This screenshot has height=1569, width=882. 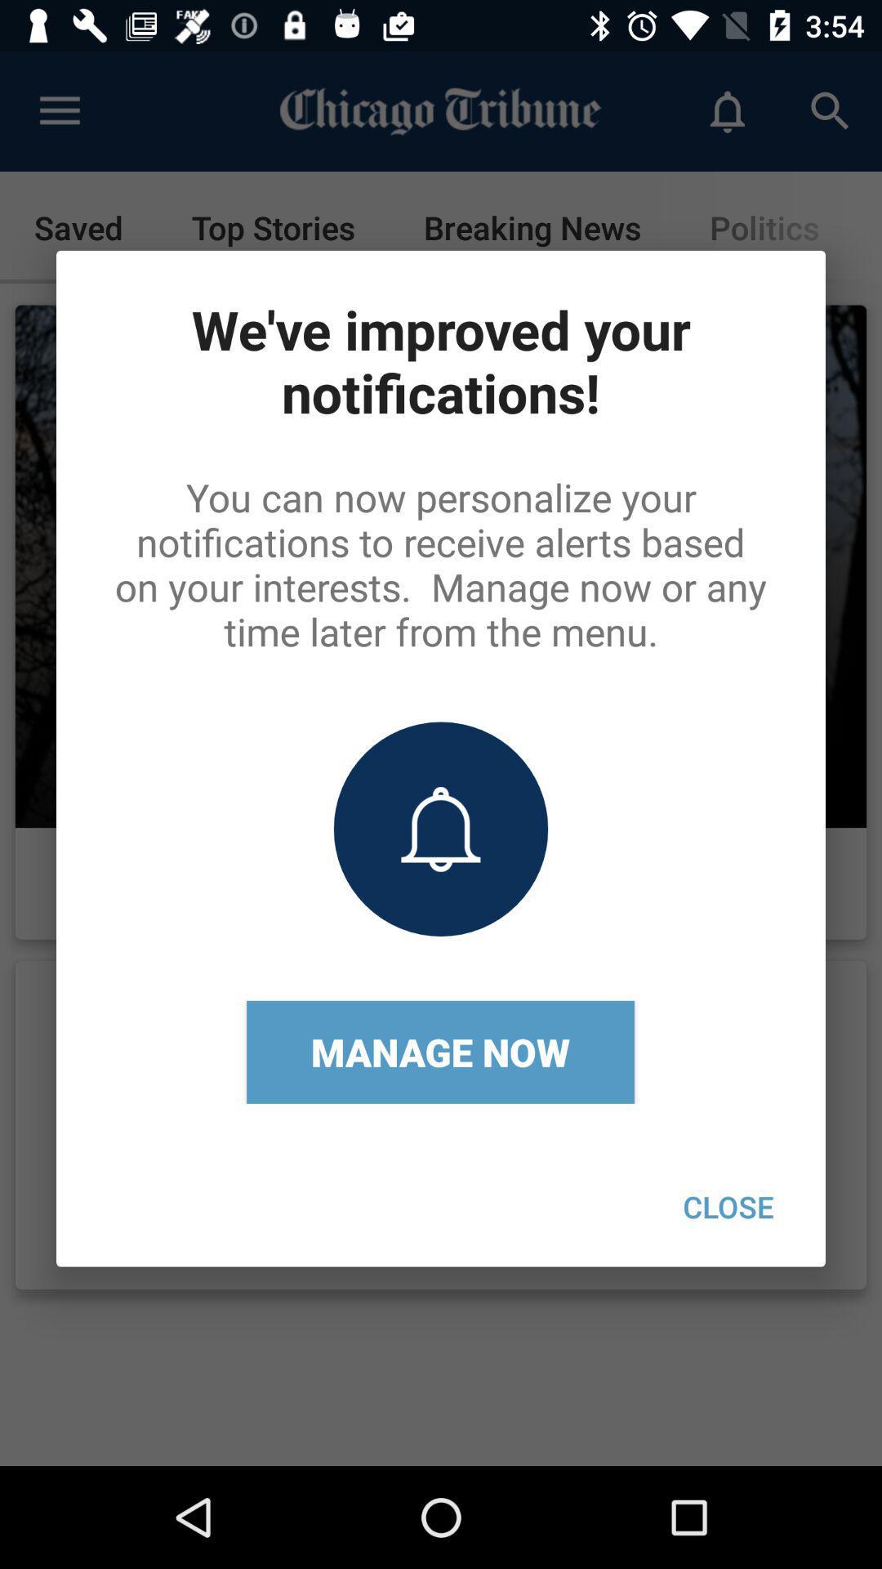 What do you see at coordinates (728, 1206) in the screenshot?
I see `item at the bottom right corner` at bounding box center [728, 1206].